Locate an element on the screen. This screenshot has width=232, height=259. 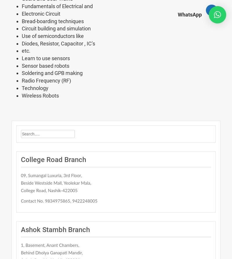
'Diodes, Resistor, Capacitor , IC’s' is located at coordinates (58, 43).